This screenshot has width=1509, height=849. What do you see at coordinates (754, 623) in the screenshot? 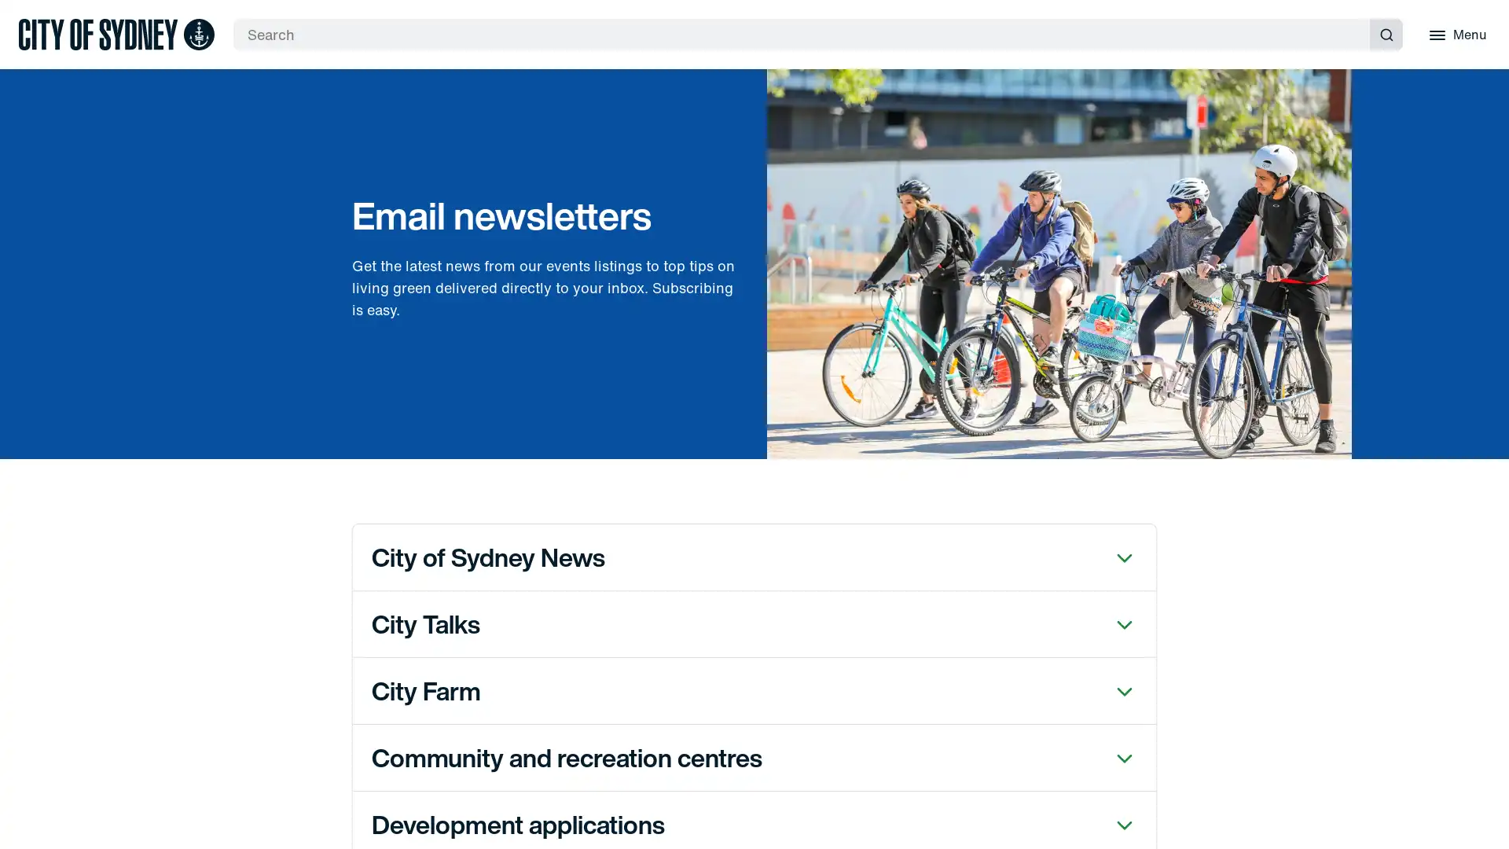
I see `City Talks` at bounding box center [754, 623].